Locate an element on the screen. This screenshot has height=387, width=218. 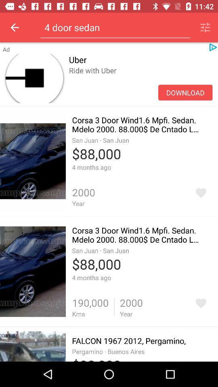
like option is located at coordinates (200, 193).